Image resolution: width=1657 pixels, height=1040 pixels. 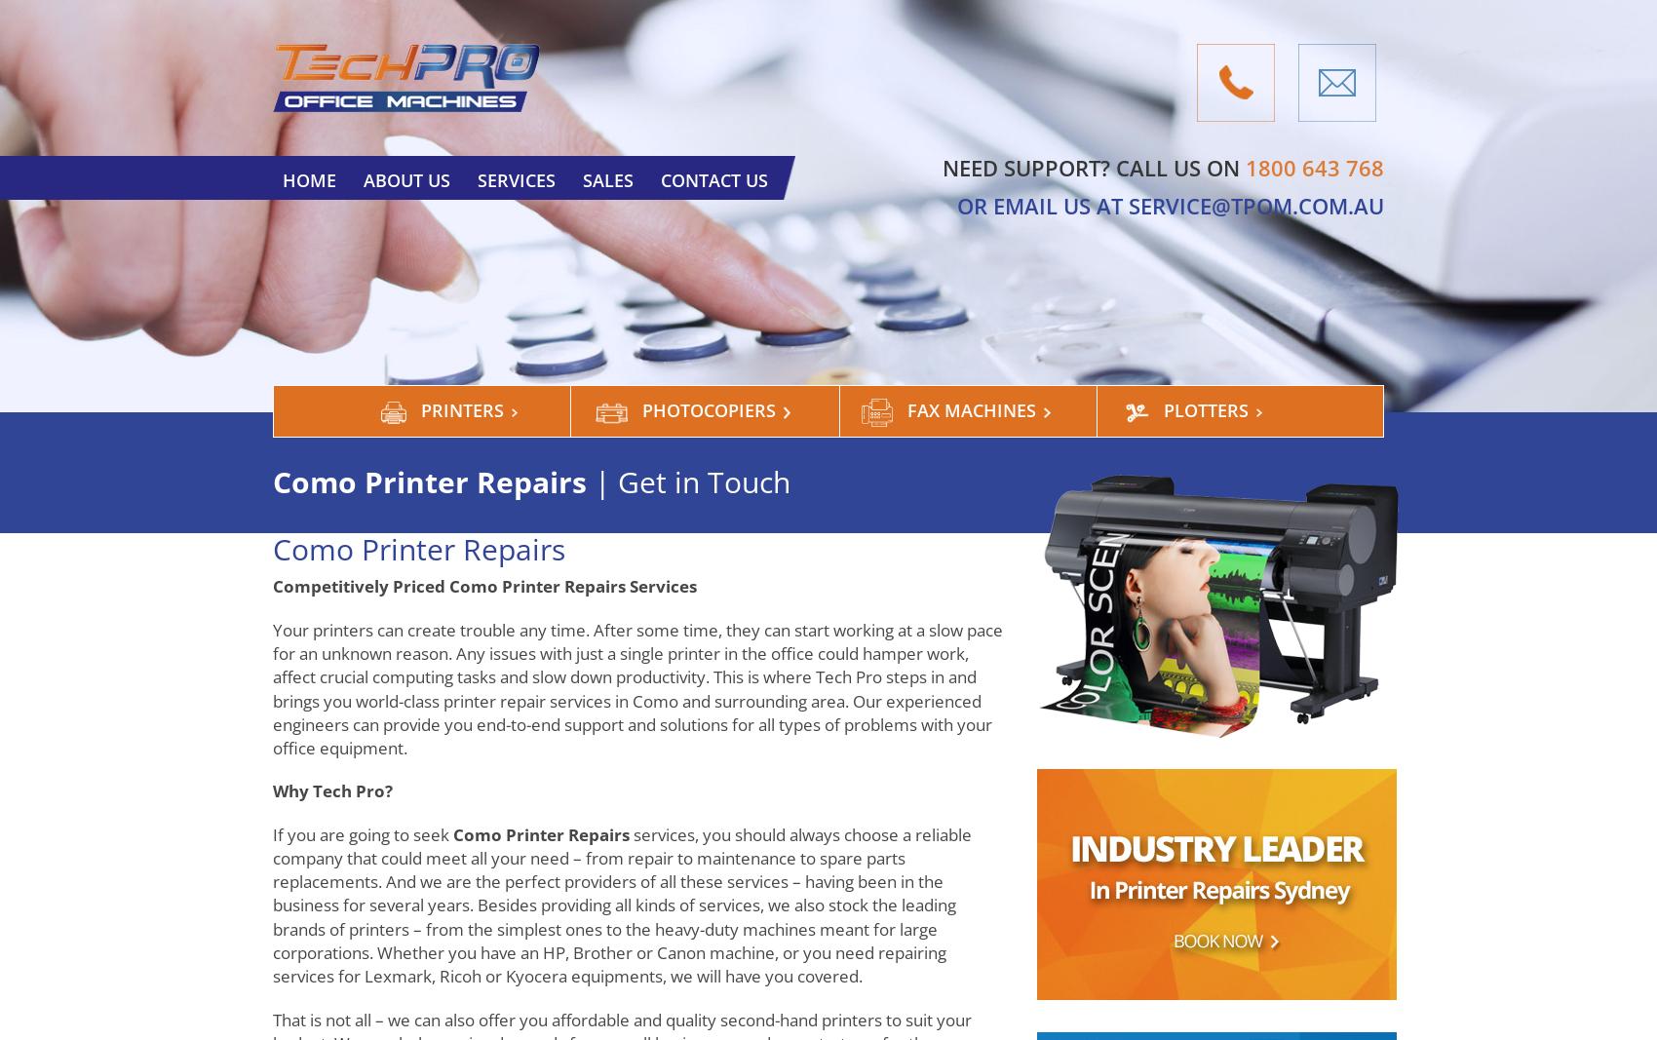 I want to click on 'OR EMAIL US AT', so click(x=1042, y=206).